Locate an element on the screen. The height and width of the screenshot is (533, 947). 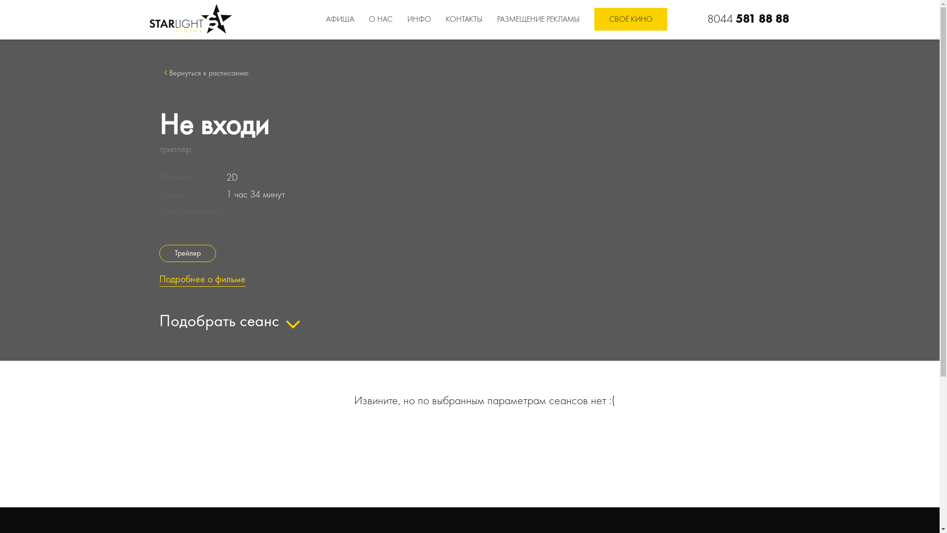
'8044 581 88 88' is located at coordinates (748, 19).